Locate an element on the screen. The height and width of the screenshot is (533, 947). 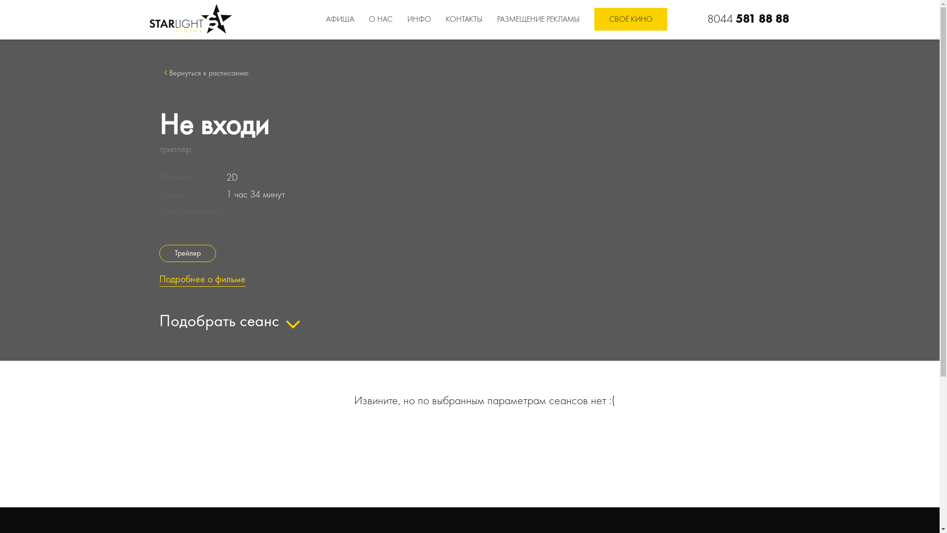
'8044 581 88 88' is located at coordinates (748, 19).